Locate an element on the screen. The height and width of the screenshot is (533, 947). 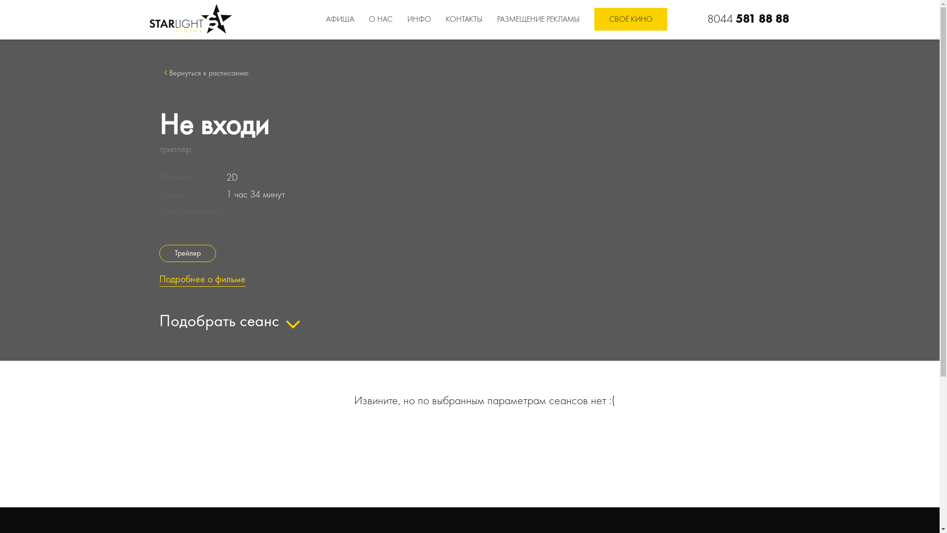
'8044 581 88 88' is located at coordinates (748, 19).